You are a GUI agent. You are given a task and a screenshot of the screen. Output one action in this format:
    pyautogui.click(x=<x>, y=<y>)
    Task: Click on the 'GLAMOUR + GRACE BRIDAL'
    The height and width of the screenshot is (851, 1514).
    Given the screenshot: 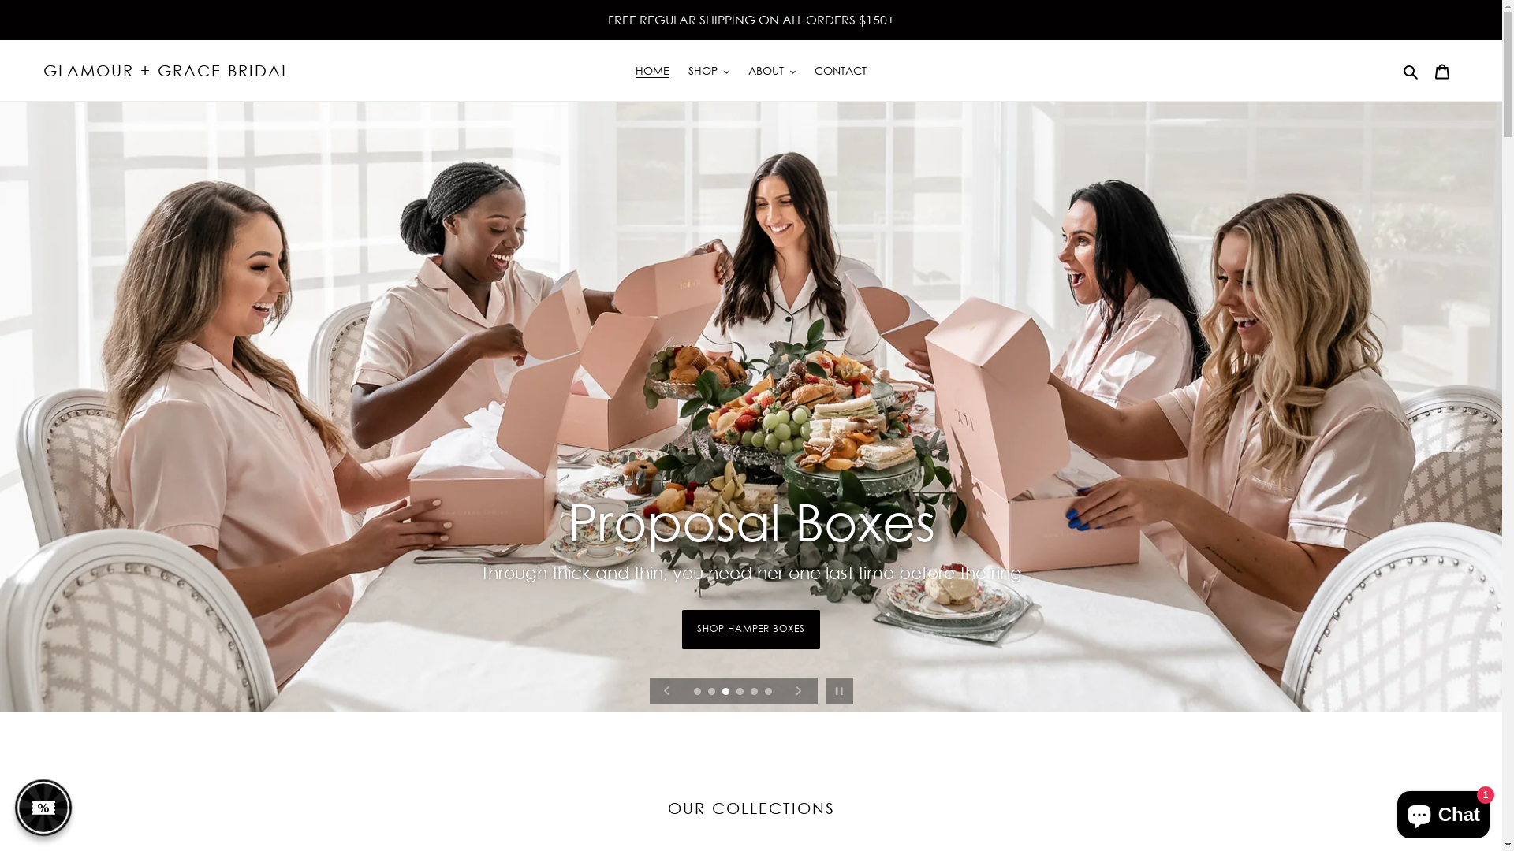 What is the action you would take?
    pyautogui.click(x=43, y=69)
    